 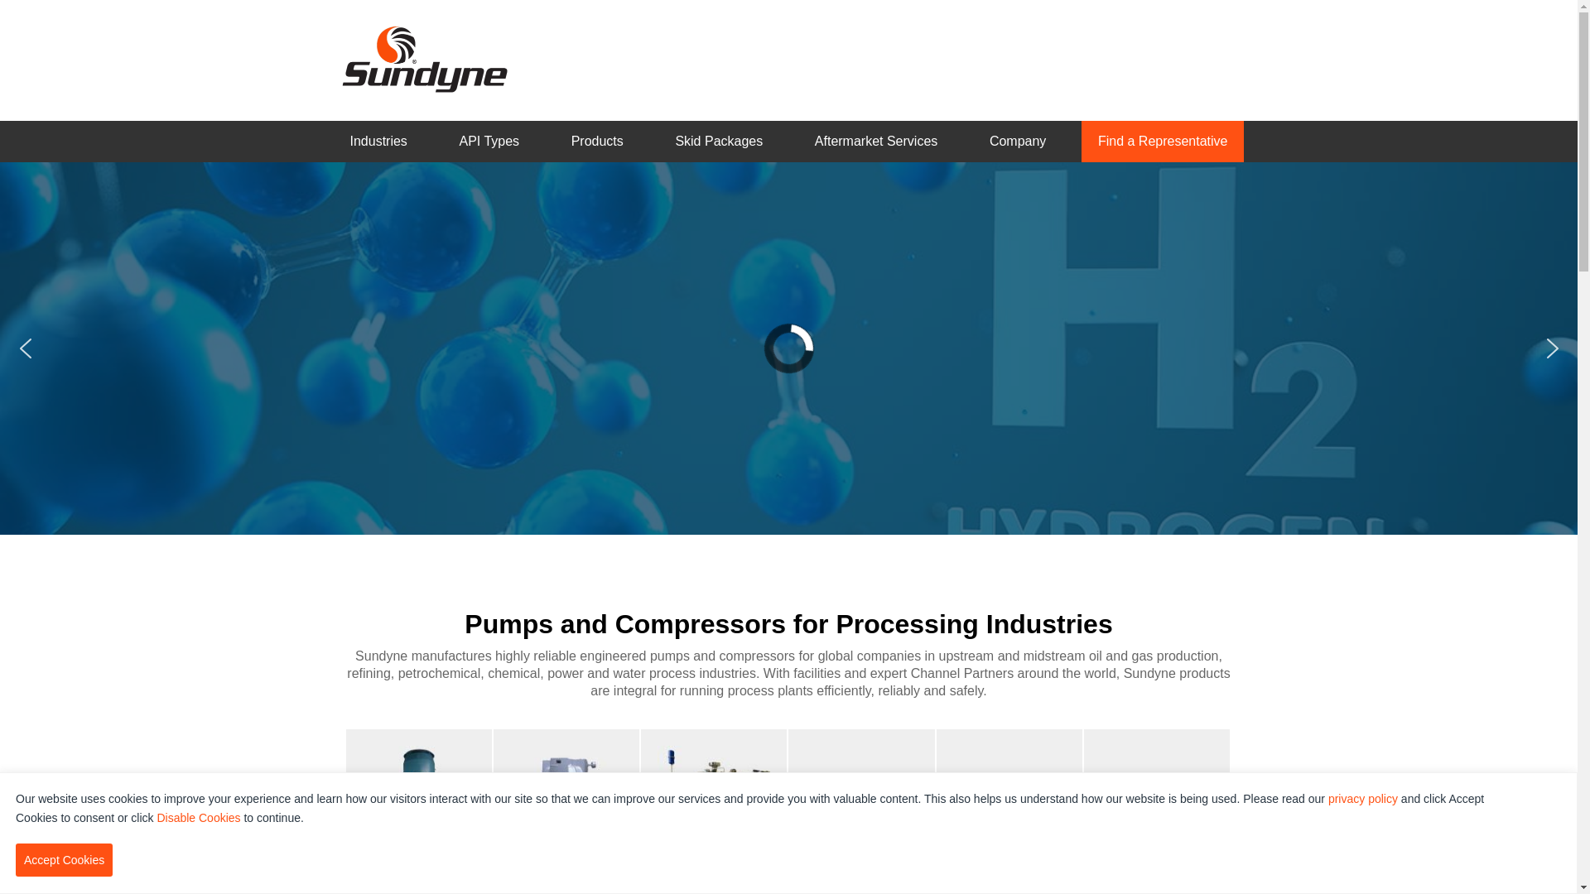 I want to click on 'API Types', so click(x=488, y=141).